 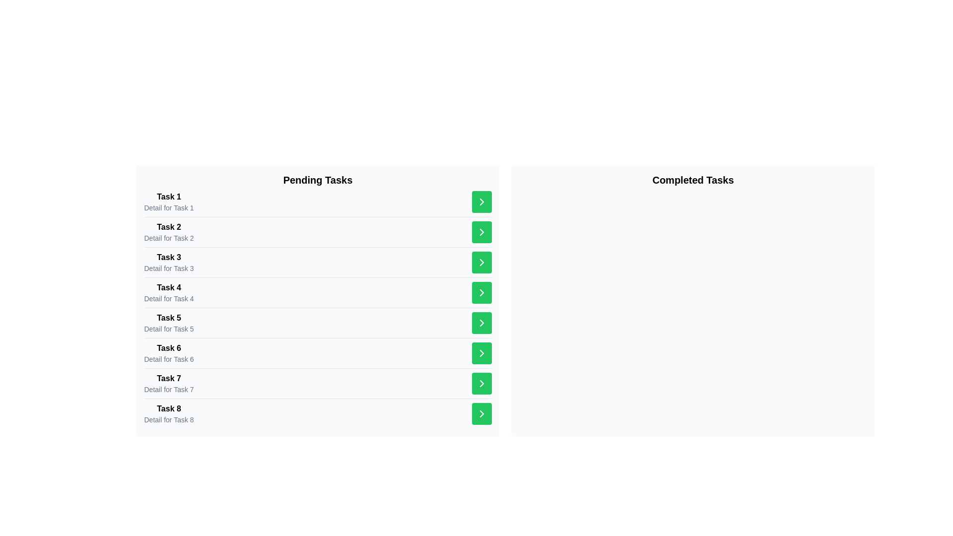 What do you see at coordinates (481, 353) in the screenshot?
I see `the button located in the sixth row of the 'Pending Tasks' list` at bounding box center [481, 353].